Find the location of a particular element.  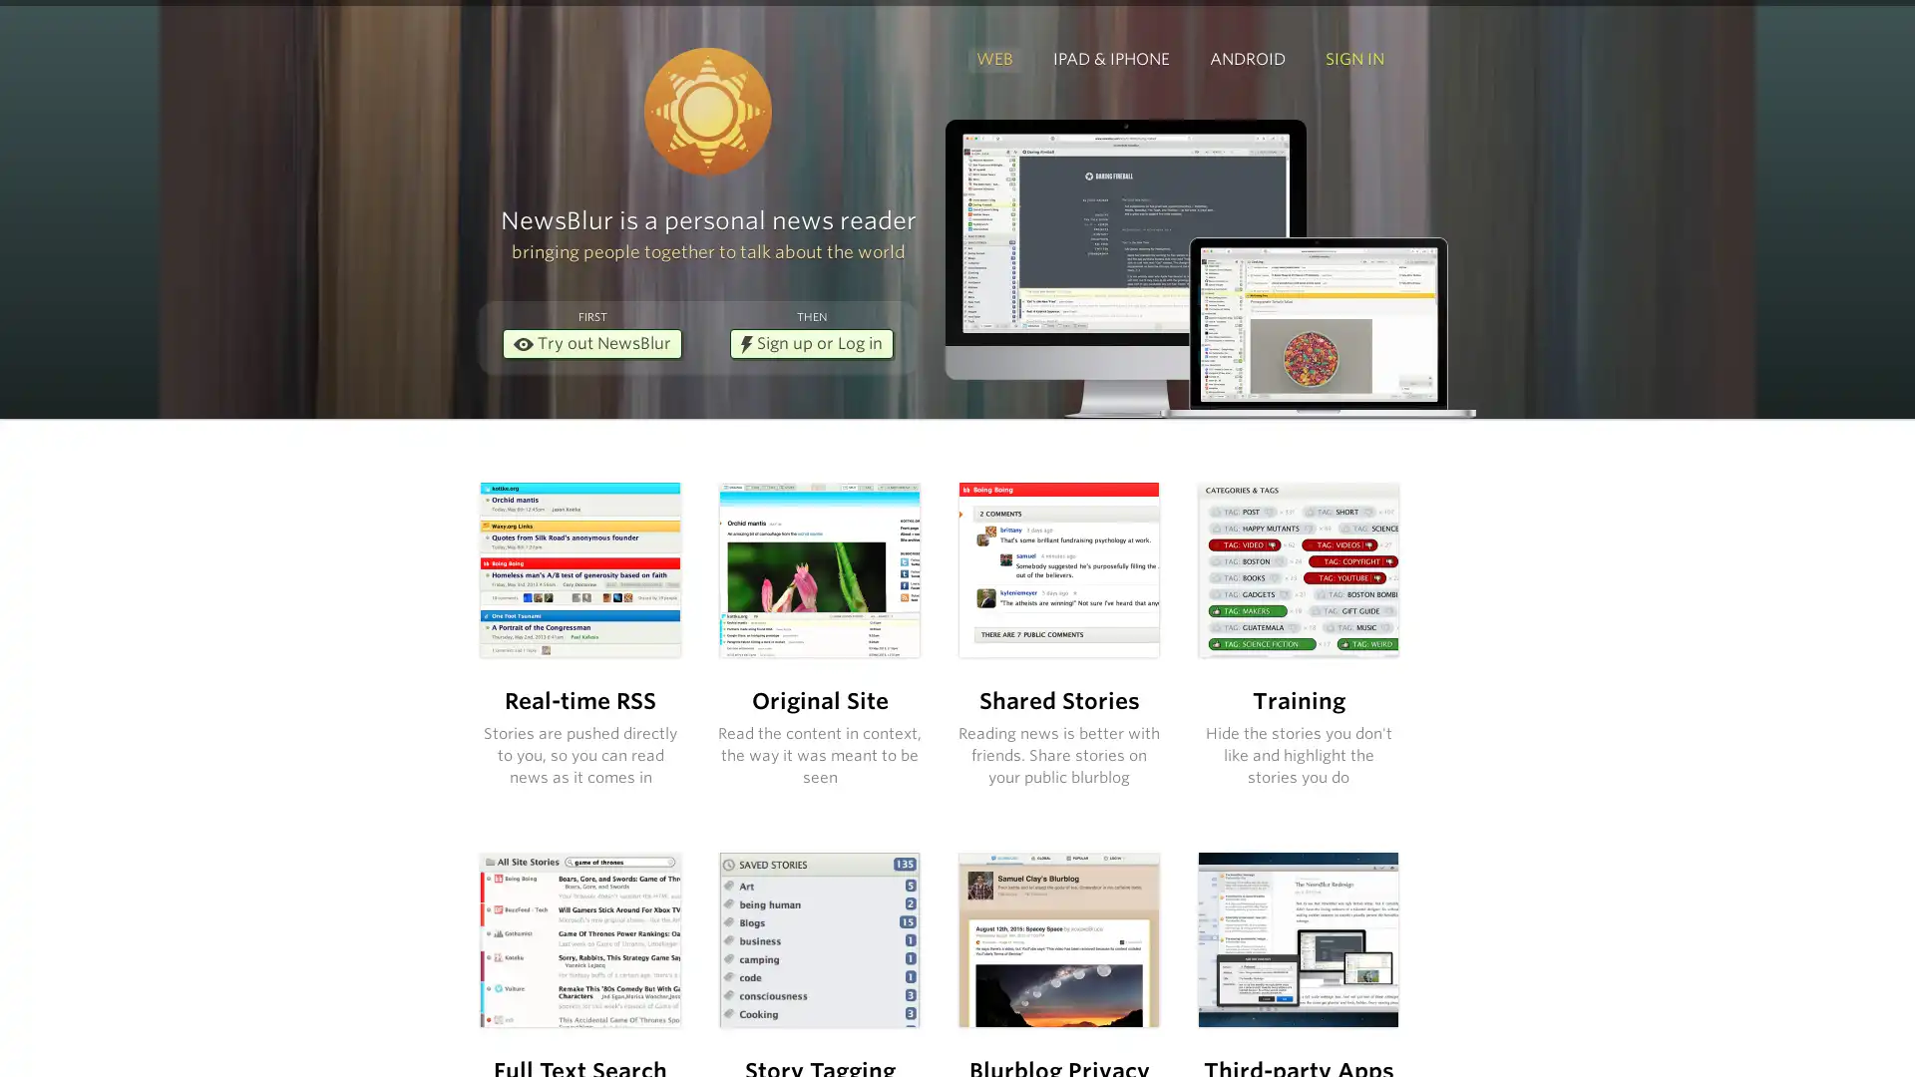

log in is located at coordinates (1076, 675).